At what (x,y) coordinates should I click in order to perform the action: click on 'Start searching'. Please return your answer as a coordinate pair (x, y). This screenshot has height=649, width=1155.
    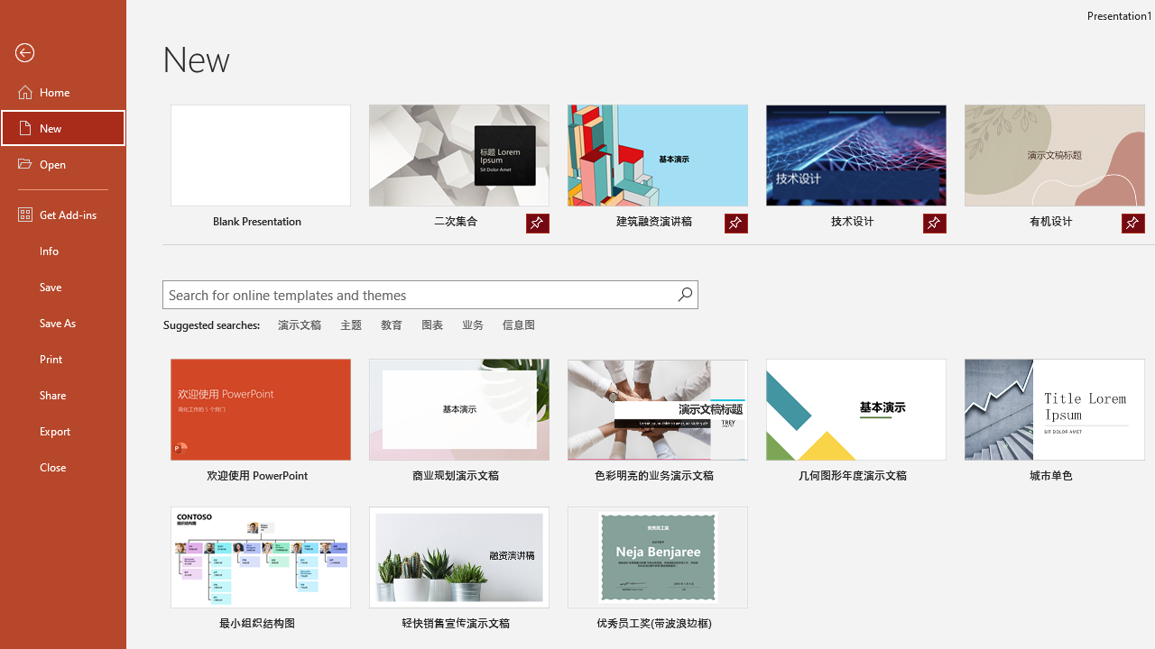
    Looking at the image, I should click on (684, 293).